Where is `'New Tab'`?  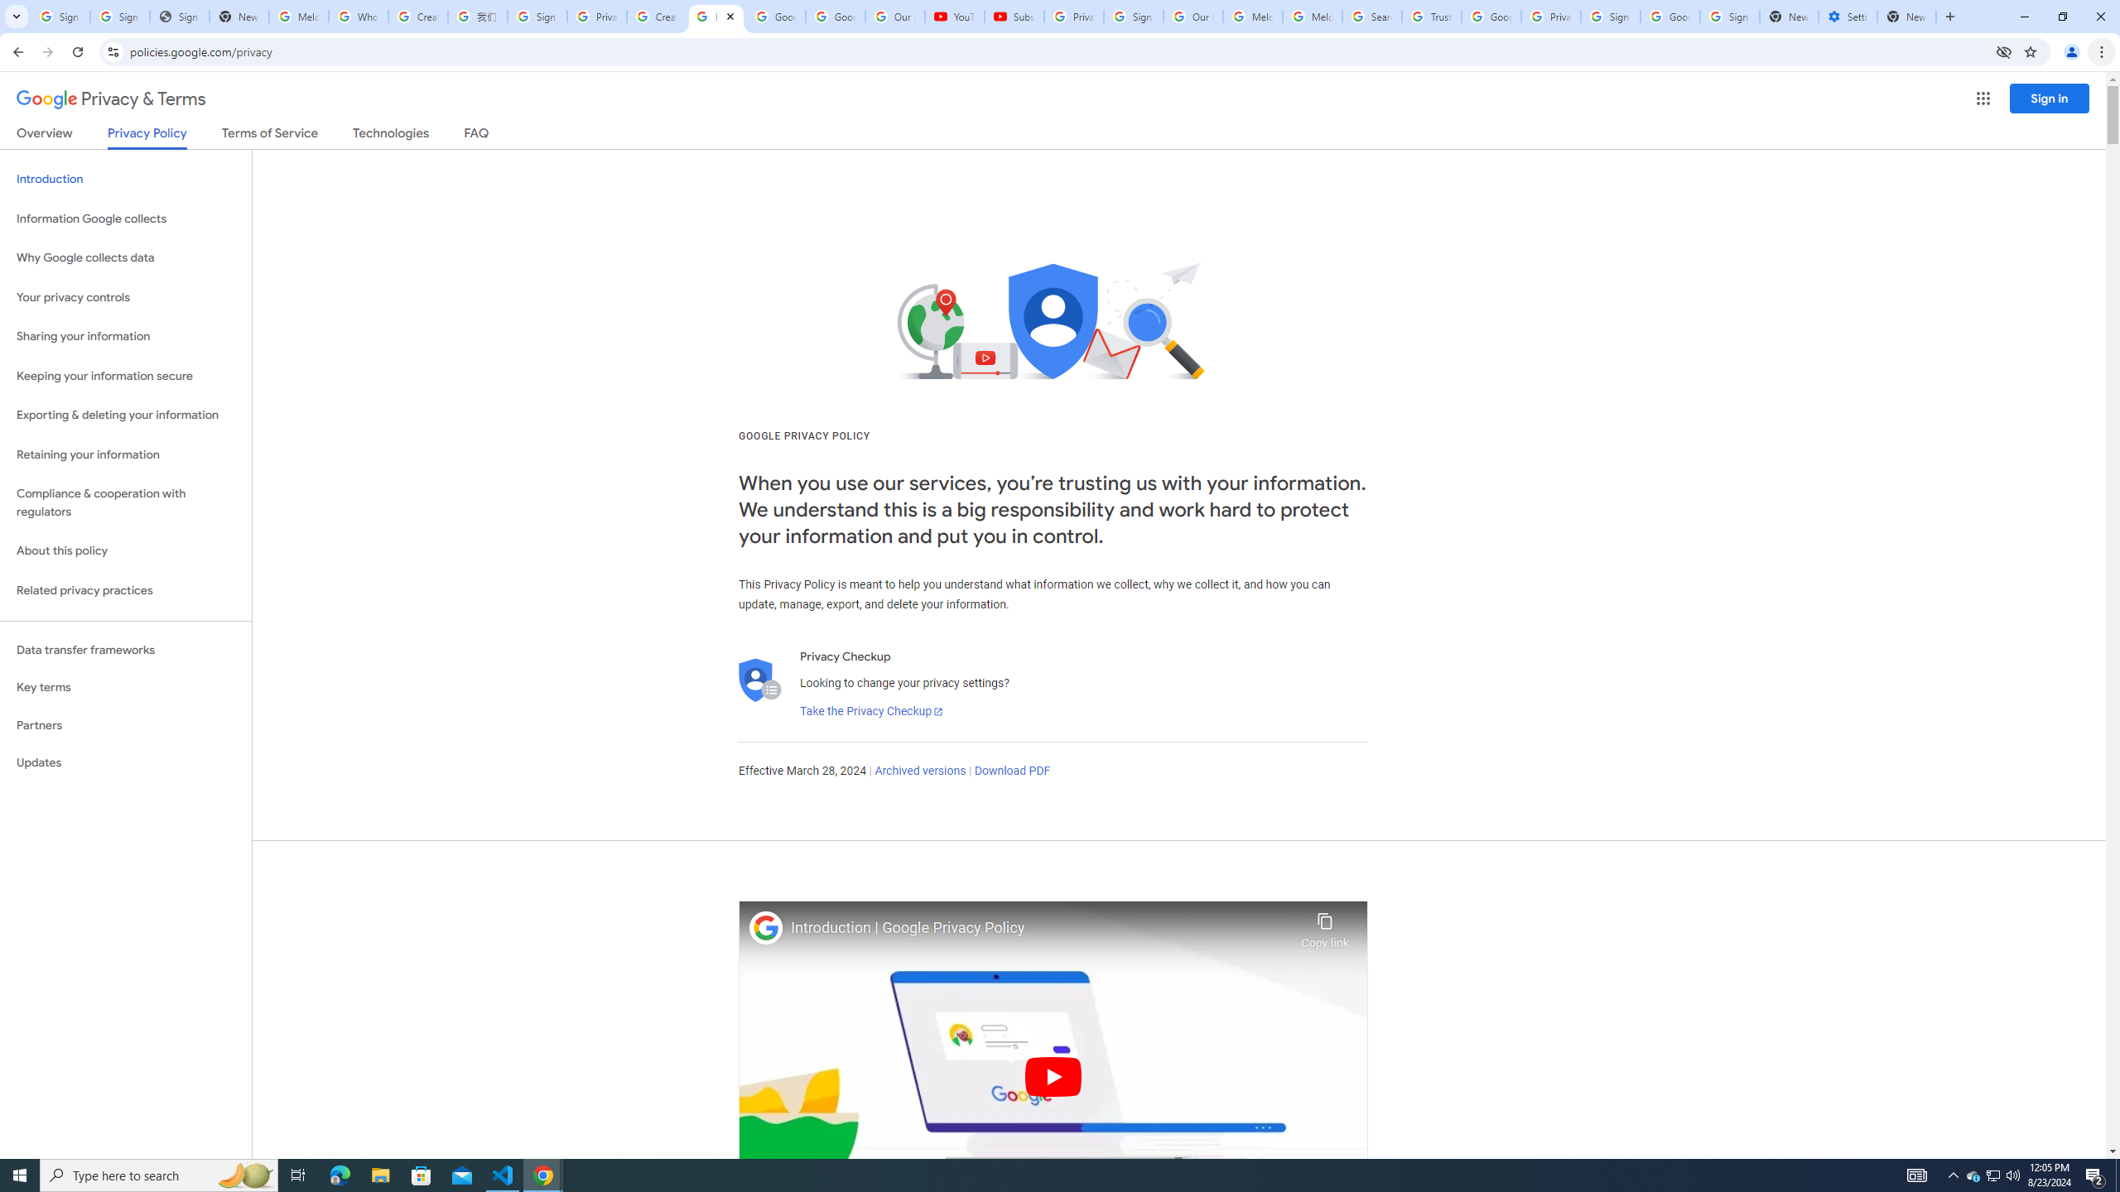 'New Tab' is located at coordinates (1906, 16).